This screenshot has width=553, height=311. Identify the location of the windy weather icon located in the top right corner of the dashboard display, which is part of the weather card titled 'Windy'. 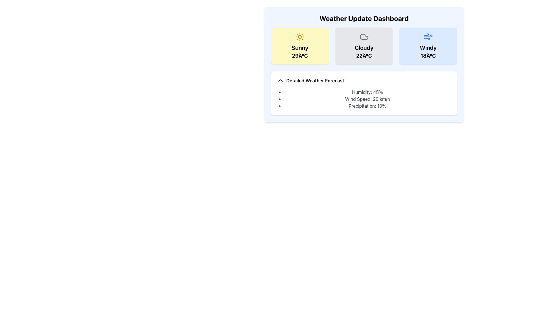
(428, 37).